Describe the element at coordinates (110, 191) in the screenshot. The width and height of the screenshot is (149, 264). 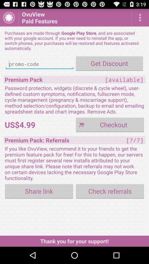
I see `the icon below the if you like` at that location.